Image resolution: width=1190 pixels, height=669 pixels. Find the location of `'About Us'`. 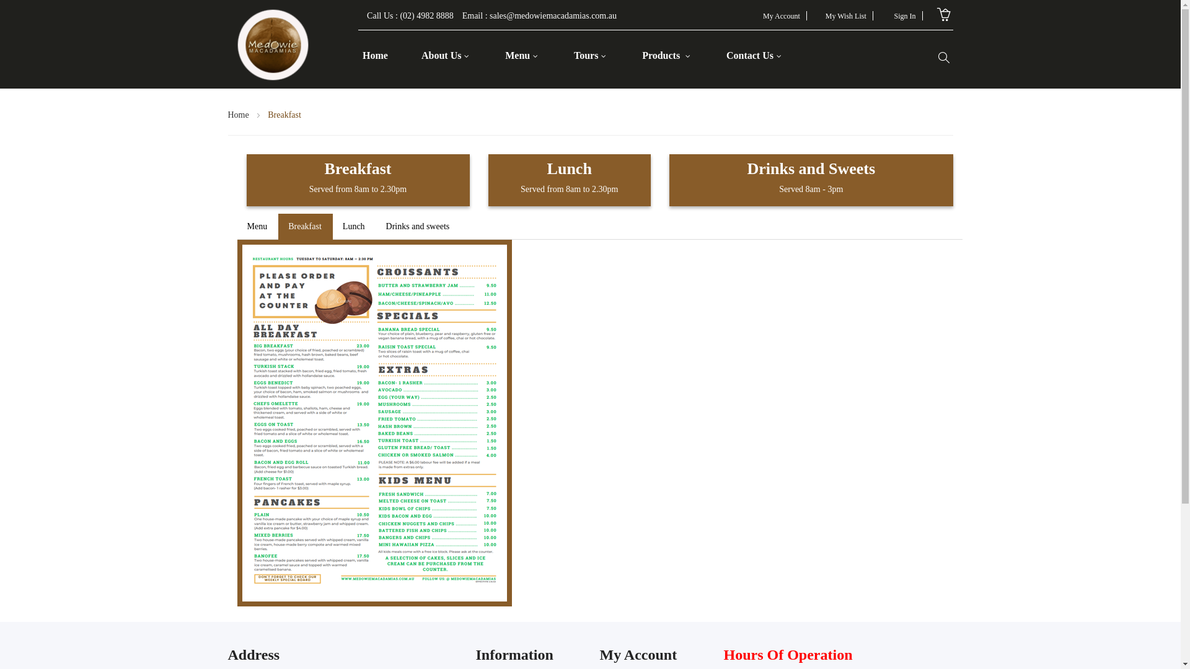

'About Us' is located at coordinates (445, 55).